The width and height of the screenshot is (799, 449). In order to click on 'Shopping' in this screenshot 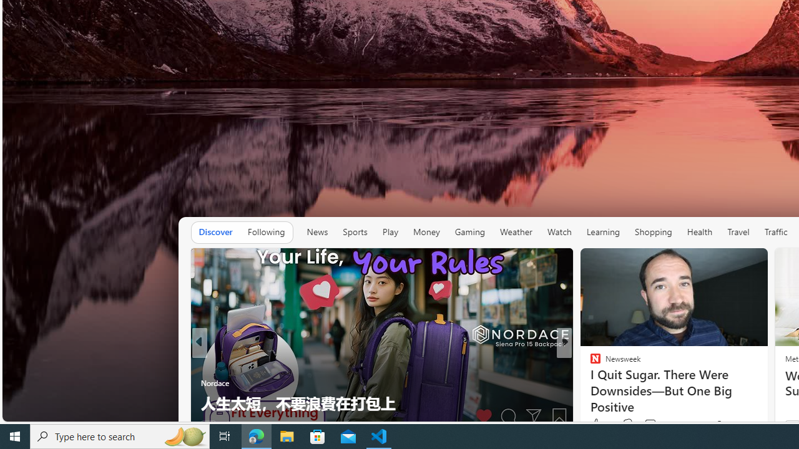, I will do `click(653, 232)`.